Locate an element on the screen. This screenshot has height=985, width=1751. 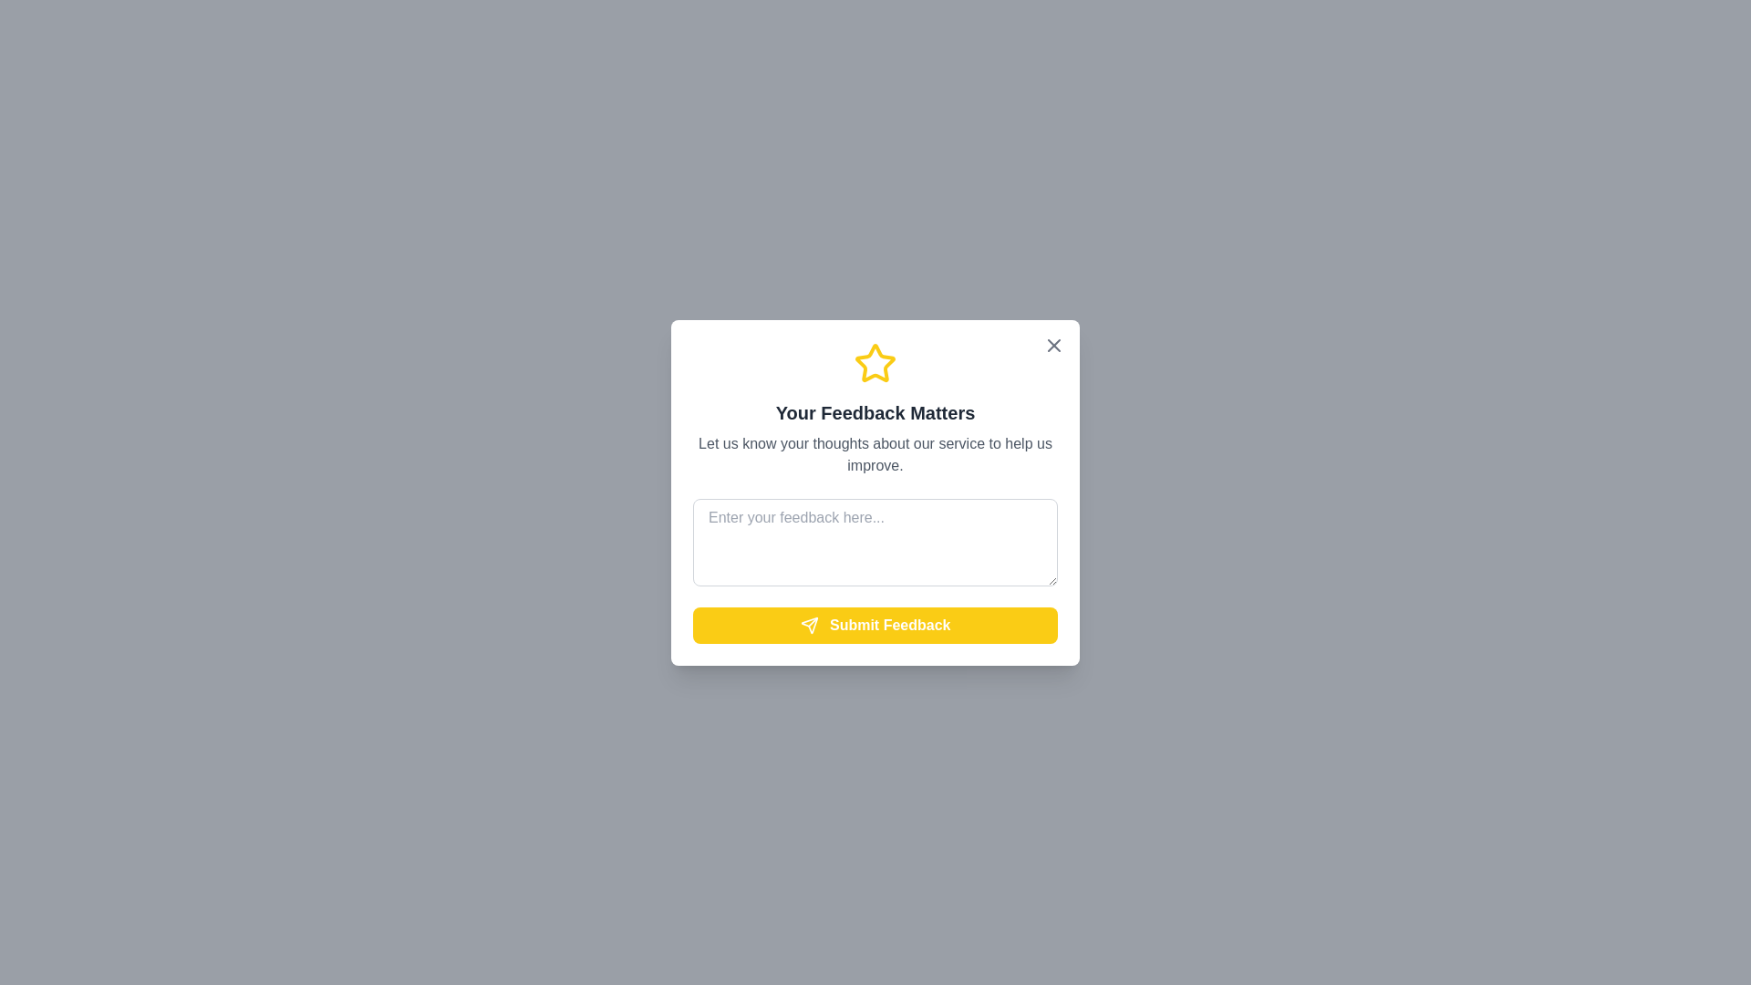
the 'Submit Feedback' button to submit the feedback is located at coordinates (875, 624).